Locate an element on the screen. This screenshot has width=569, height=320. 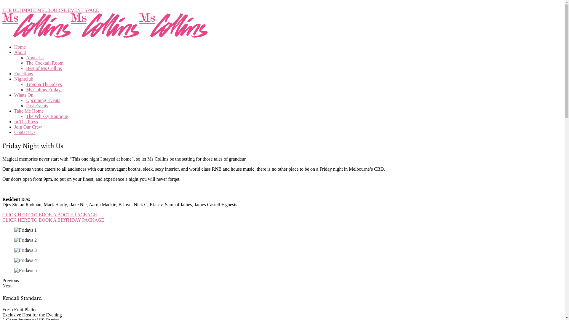
'CLICK HERE TO BOOK A BIRTHDAY PACKAGE' is located at coordinates (53, 220).